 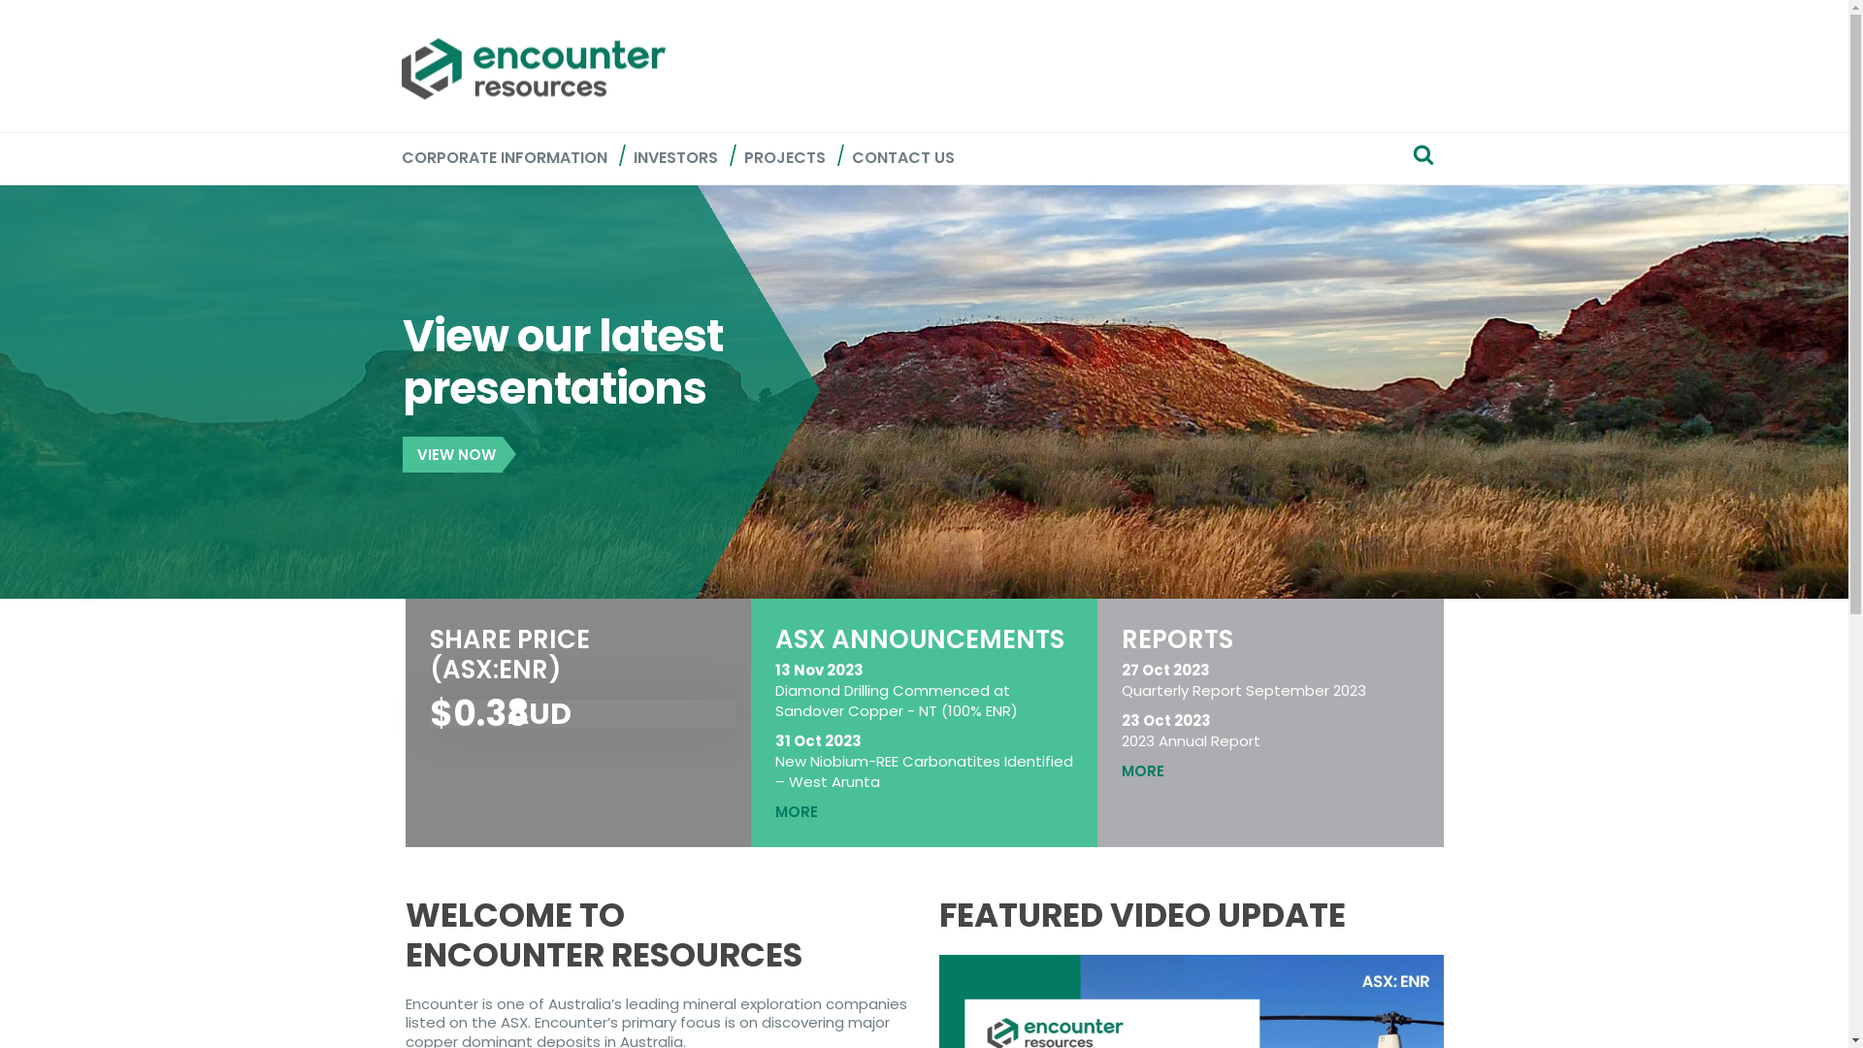 I want to click on 'CORPORATE INFORMATION', so click(x=503, y=157).